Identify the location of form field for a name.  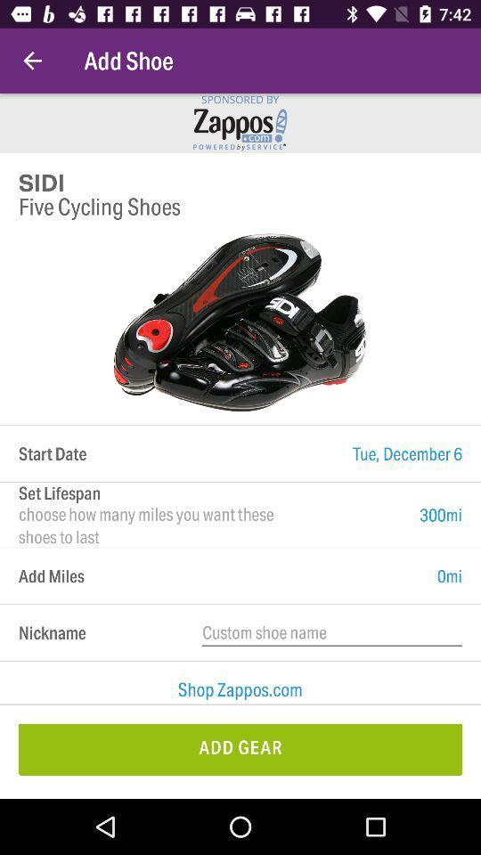
(332, 632).